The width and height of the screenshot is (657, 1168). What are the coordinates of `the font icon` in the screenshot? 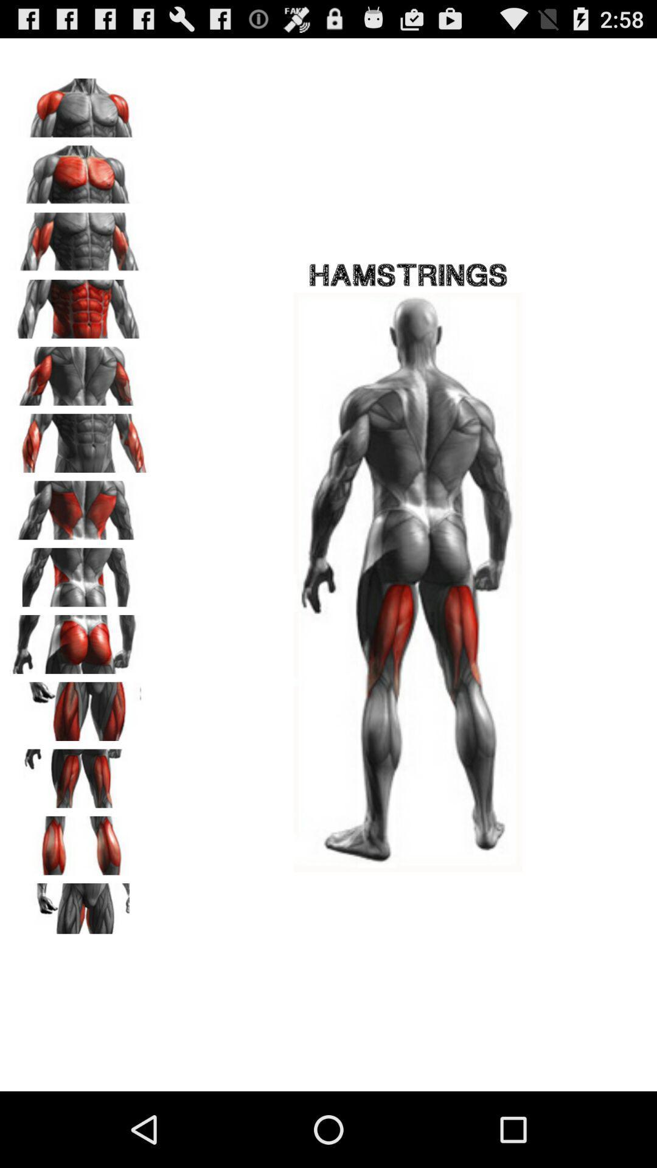 It's located at (80, 828).